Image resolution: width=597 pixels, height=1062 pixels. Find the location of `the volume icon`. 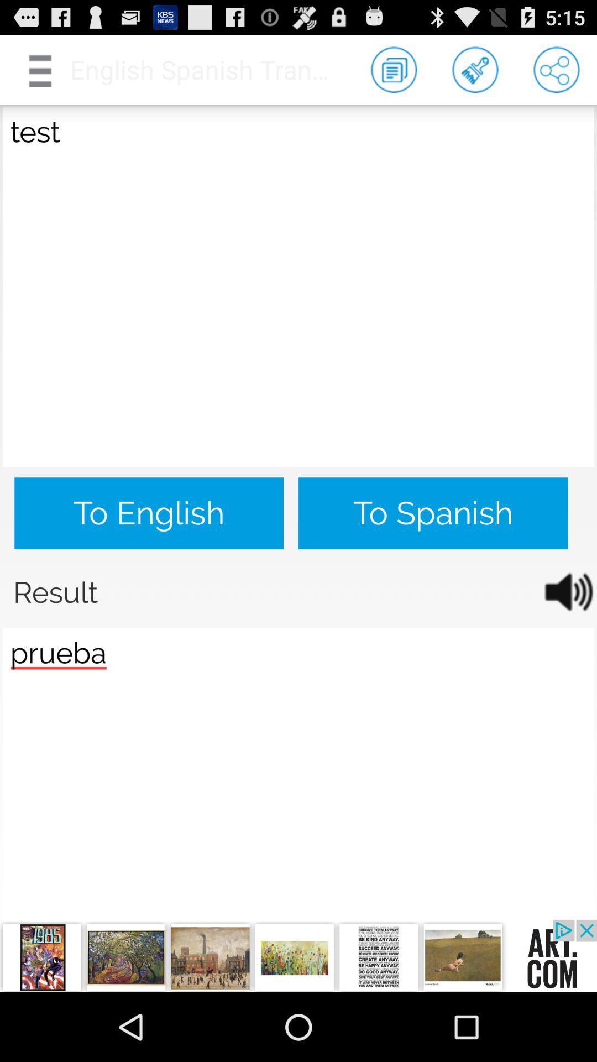

the volume icon is located at coordinates (561, 634).